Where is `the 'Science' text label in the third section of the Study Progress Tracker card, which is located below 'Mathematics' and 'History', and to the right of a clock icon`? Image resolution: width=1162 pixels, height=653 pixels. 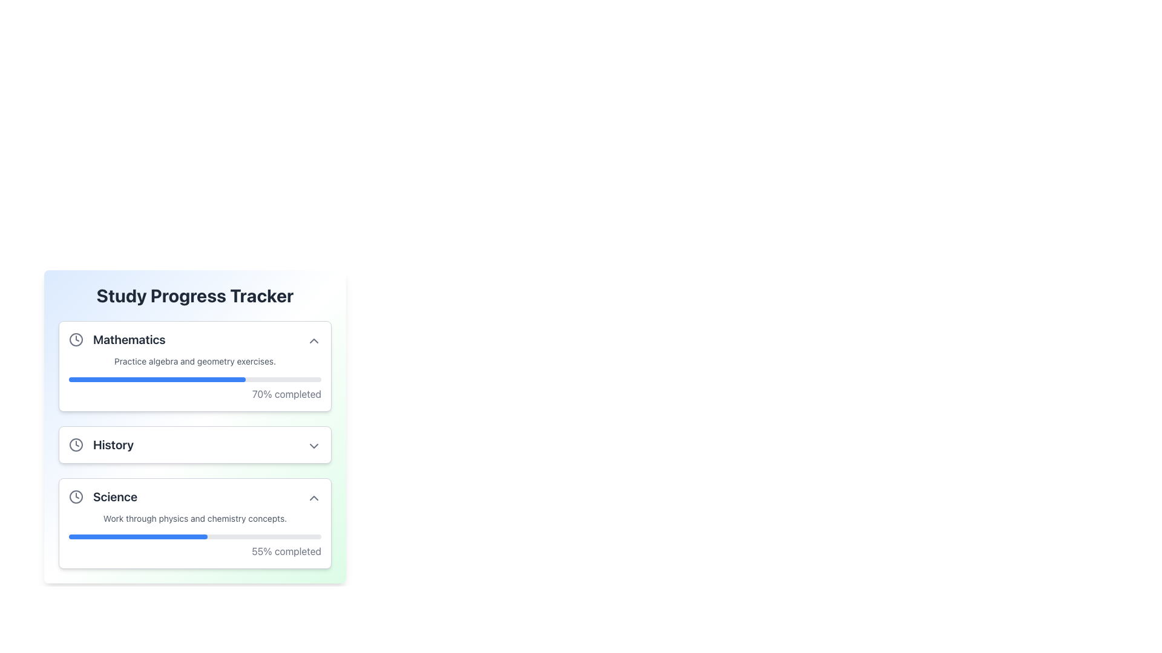
the 'Science' text label in the third section of the Study Progress Tracker card, which is located below 'Mathematics' and 'History', and to the right of a clock icon is located at coordinates (103, 496).